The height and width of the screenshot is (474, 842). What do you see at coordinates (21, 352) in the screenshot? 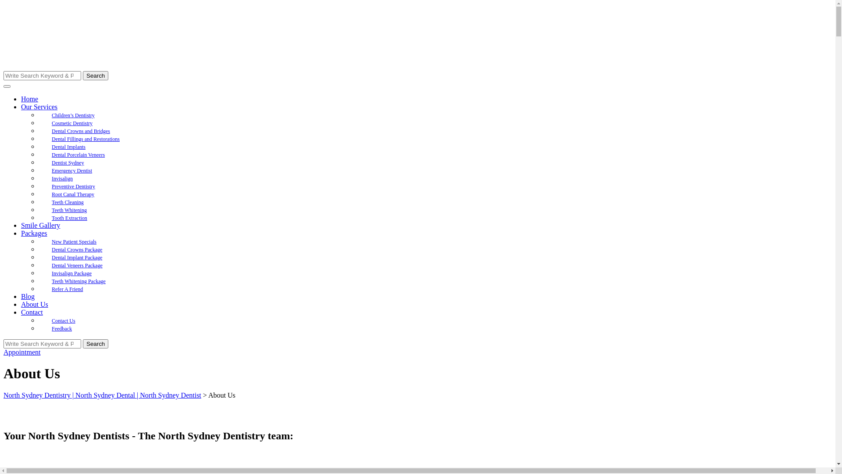
I see `'Appointment'` at bounding box center [21, 352].